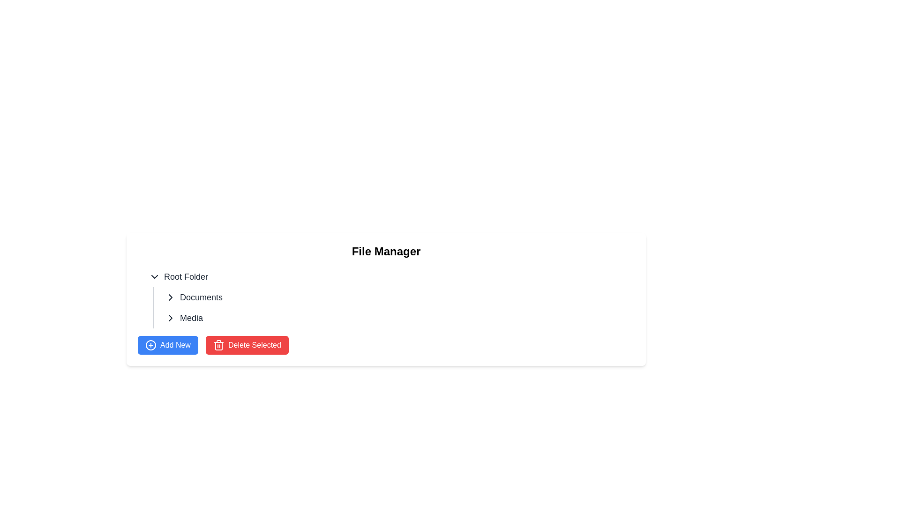 The width and height of the screenshot is (900, 506). What do you see at coordinates (191, 317) in the screenshot?
I see `the static text label representing the 'Media' folder` at bounding box center [191, 317].